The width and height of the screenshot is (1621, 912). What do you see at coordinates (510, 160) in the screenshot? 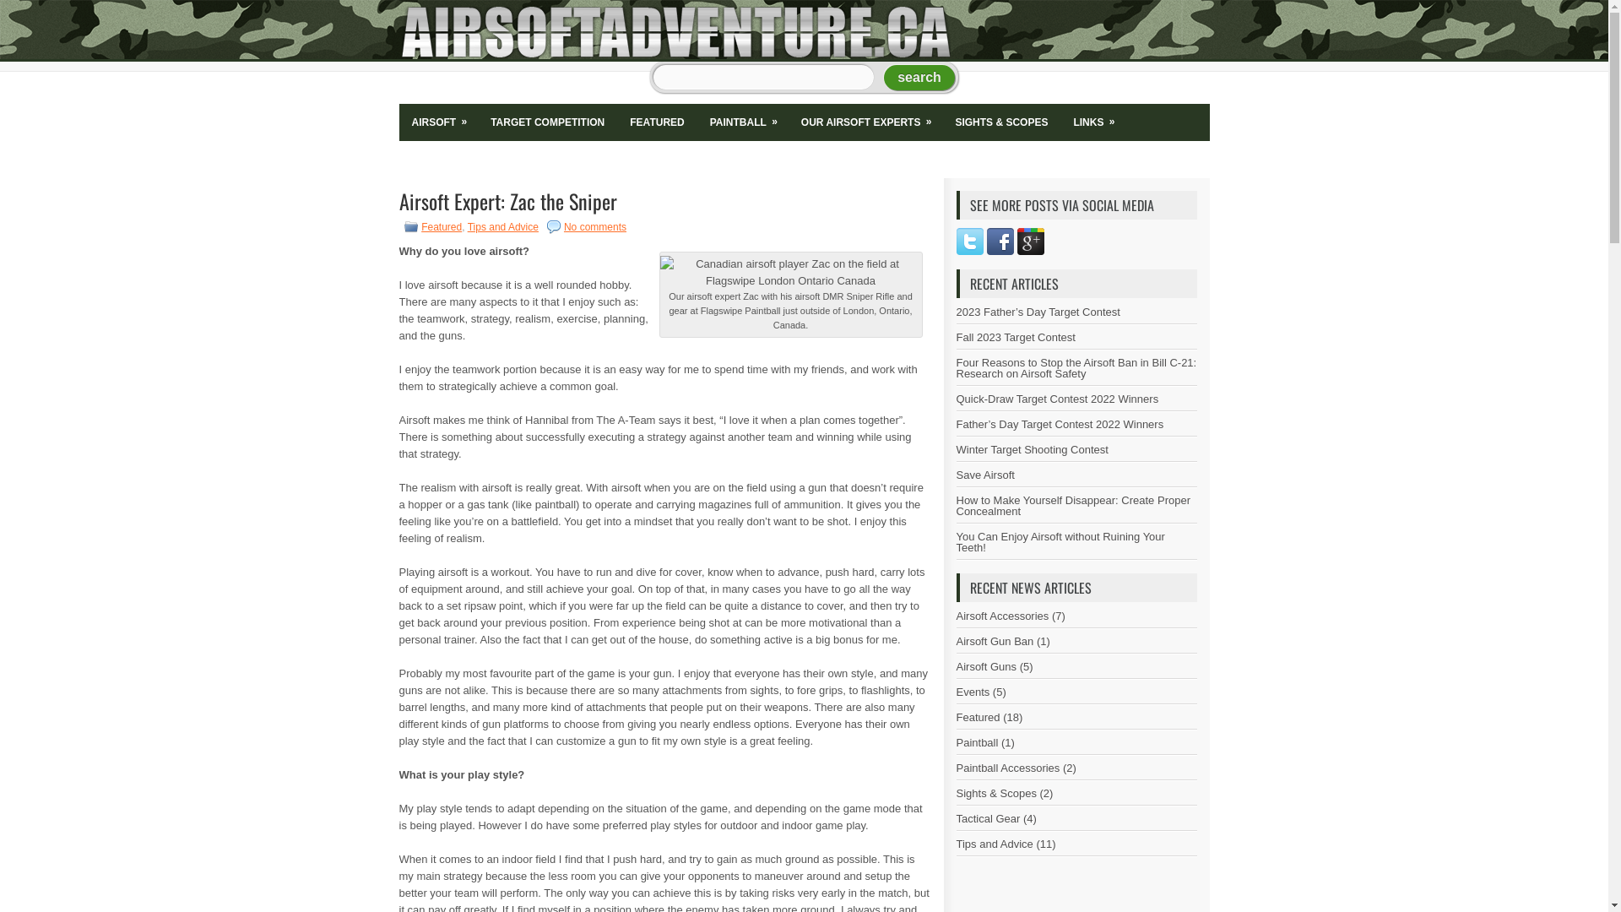
I see `'TOP GUN COMPETITION'` at bounding box center [510, 160].